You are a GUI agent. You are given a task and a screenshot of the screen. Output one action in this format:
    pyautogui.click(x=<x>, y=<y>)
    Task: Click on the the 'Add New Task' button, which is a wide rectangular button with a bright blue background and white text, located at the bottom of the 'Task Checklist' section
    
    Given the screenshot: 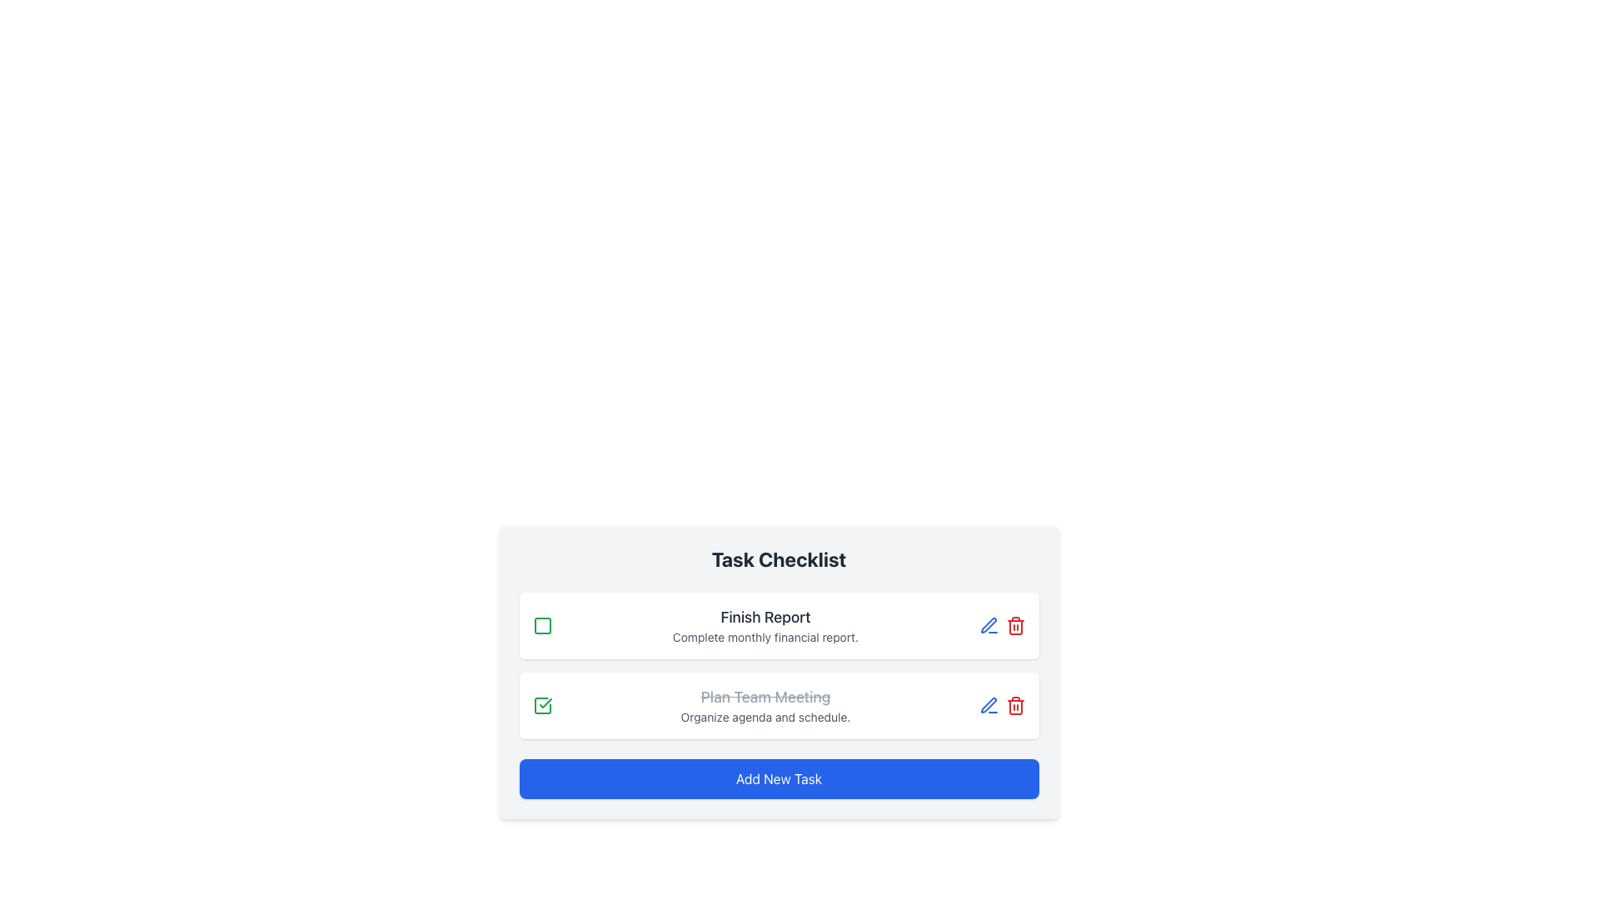 What is the action you would take?
    pyautogui.click(x=778, y=779)
    